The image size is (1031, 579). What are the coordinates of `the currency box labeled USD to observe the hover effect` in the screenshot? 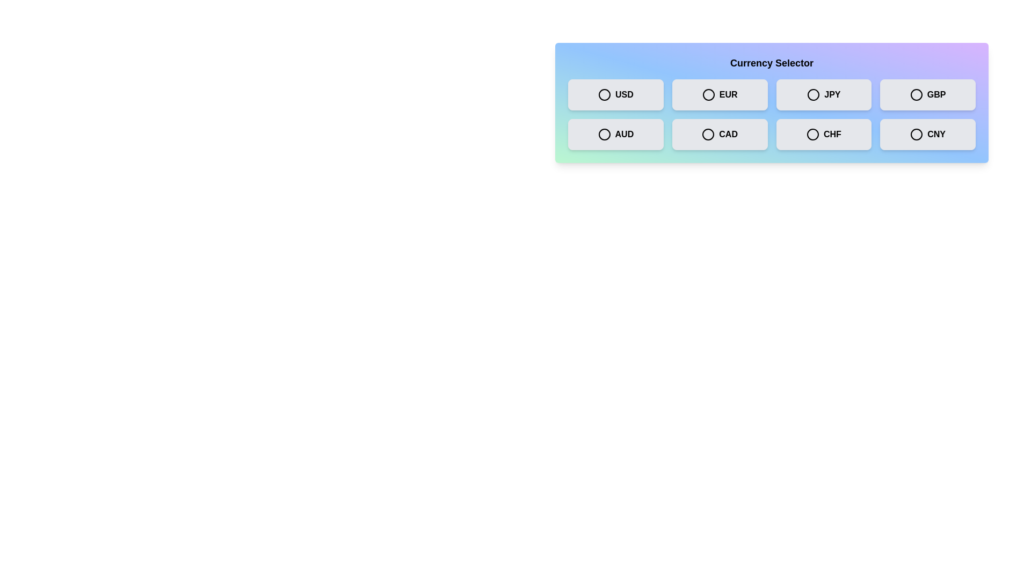 It's located at (615, 94).